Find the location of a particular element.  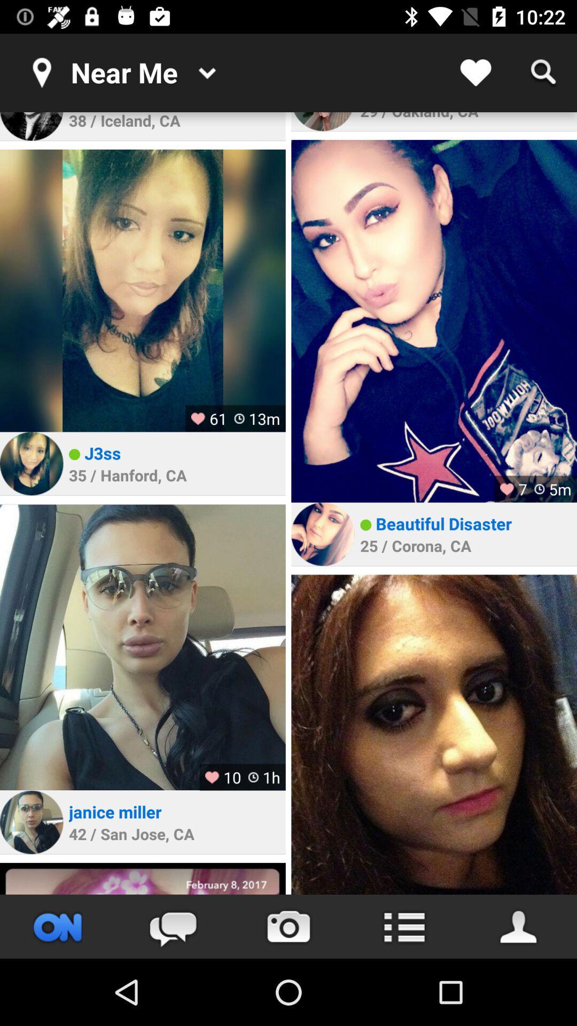

the green circle which is left to the text beautiful disaster is located at coordinates (365, 525).